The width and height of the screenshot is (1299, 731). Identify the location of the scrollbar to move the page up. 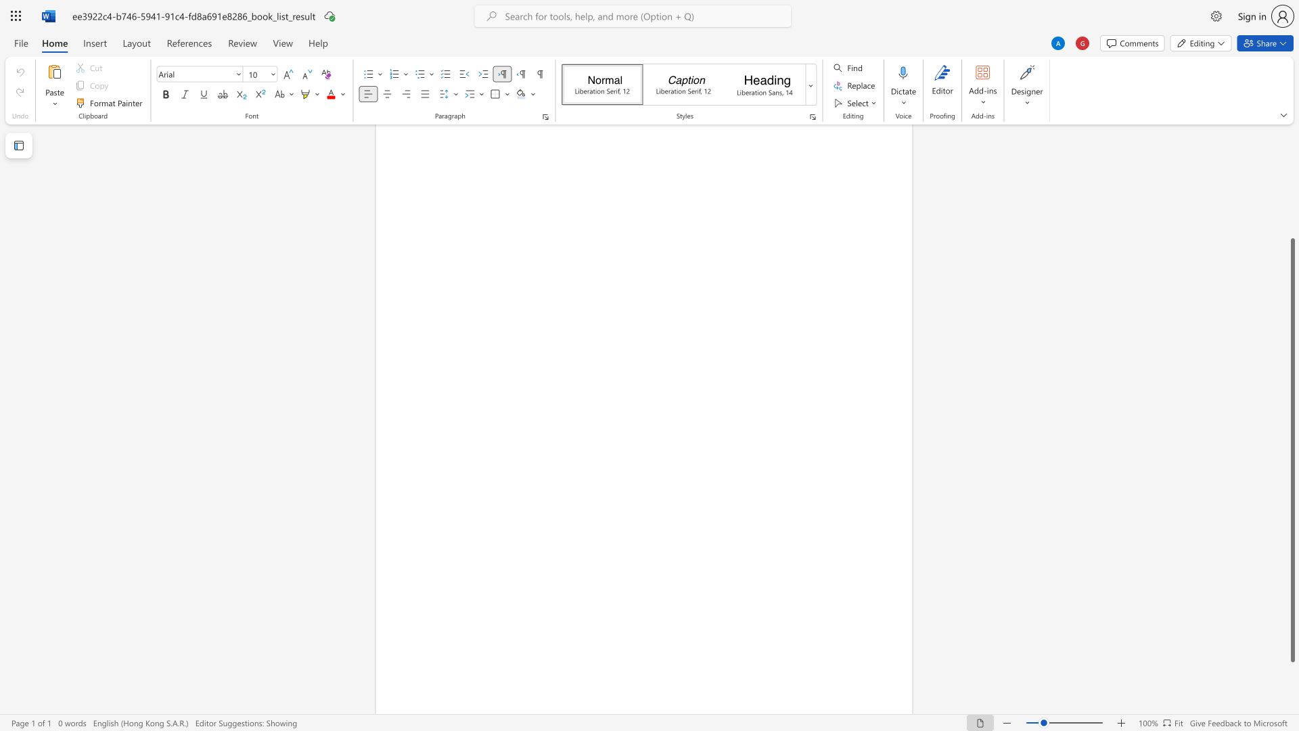
(1292, 229).